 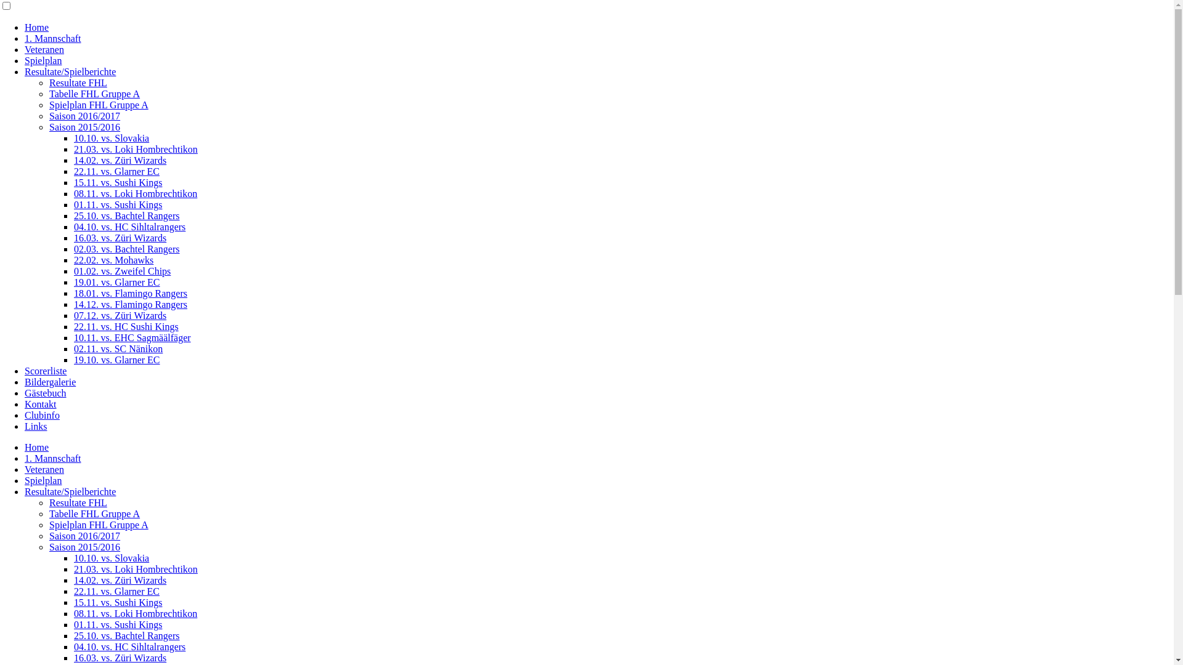 I want to click on '04.10. vs. HC Sihltalrangers', so click(x=129, y=227).